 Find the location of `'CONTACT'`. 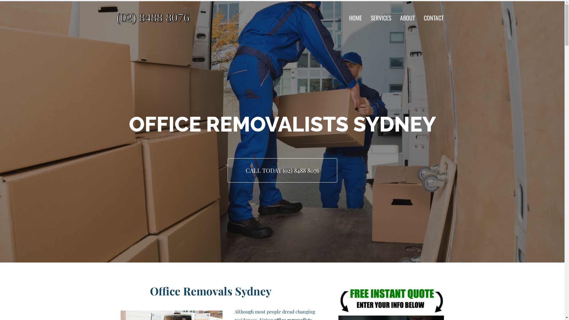

'CONTACT' is located at coordinates (434, 17).